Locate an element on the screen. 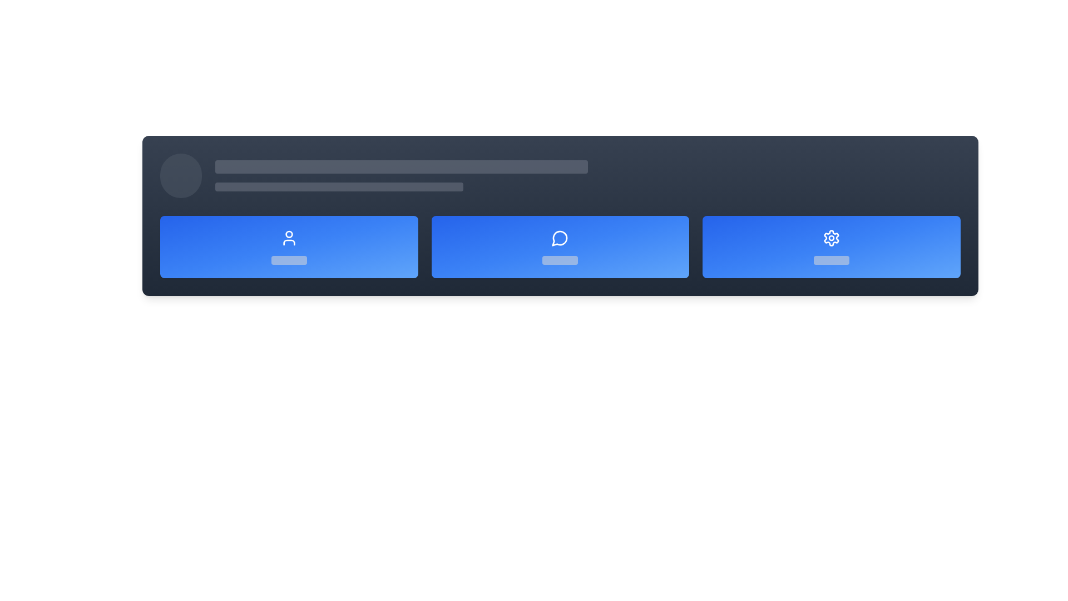  the loading animation of the Skeleton placeholder located in a blue rounded rectangular card, positioned centrally among a horizontal row of cards, below the chat bubble icon is located at coordinates (560, 260).